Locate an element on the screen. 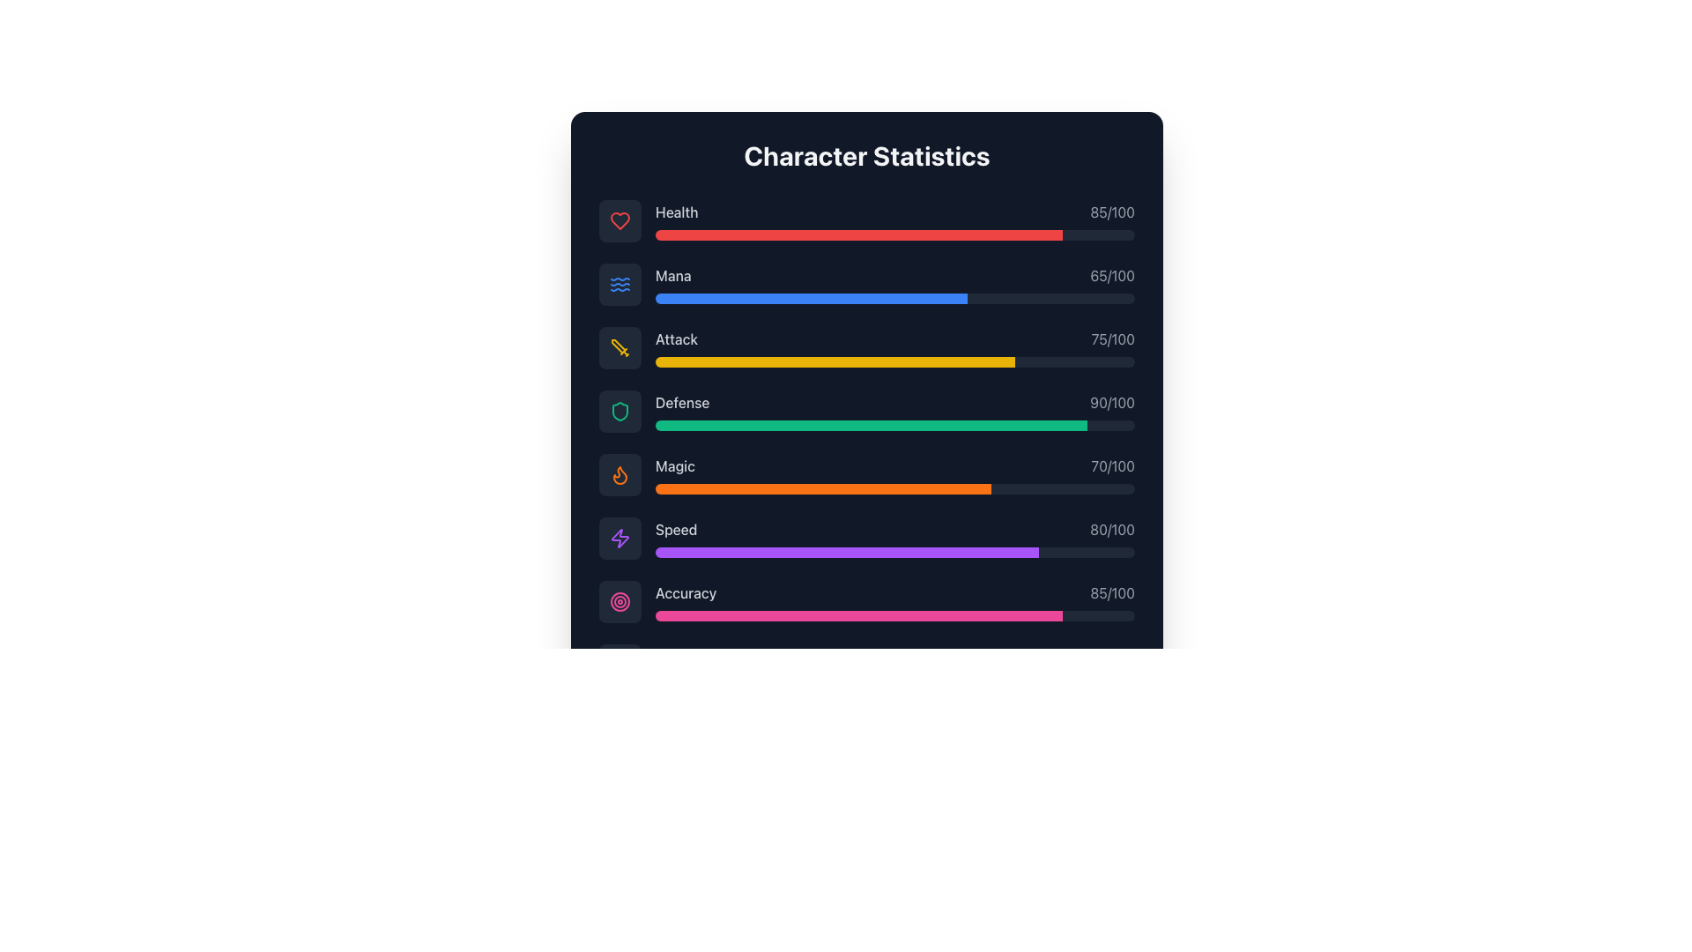  the 'Attack' text label located in the third row under 'Character Statistics' is located at coordinates (676, 339).